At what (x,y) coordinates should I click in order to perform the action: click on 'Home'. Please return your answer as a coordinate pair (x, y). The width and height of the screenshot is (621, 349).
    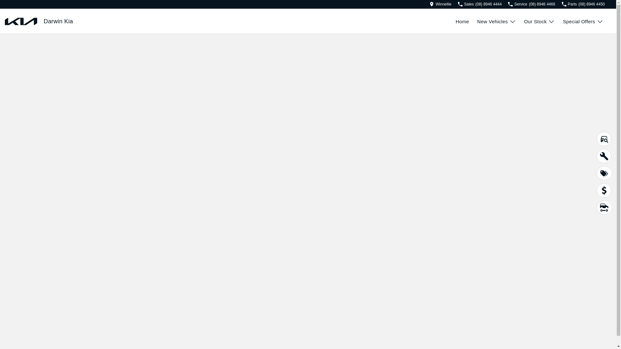
    Looking at the image, I should click on (466, 21).